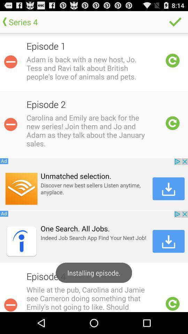 Image resolution: width=188 pixels, height=334 pixels. I want to click on advertiser site, so click(94, 237).